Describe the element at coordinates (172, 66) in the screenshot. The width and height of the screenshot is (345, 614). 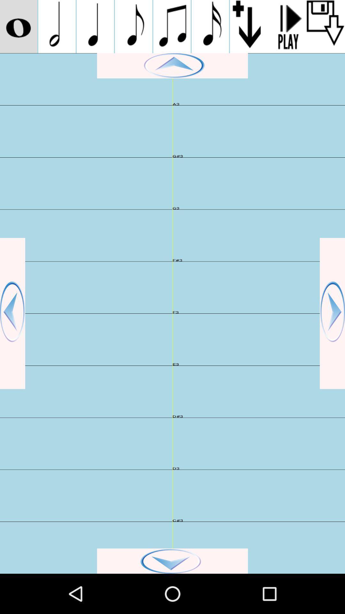
I see `up arrow` at that location.